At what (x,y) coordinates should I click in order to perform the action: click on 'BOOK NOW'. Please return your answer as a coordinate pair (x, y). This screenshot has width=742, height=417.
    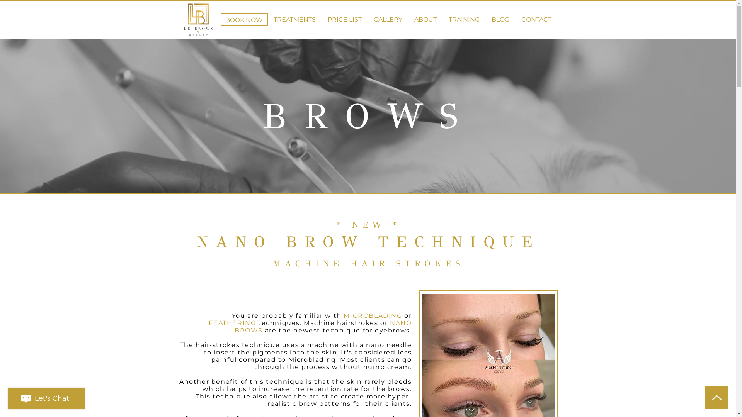
    Looking at the image, I should click on (220, 19).